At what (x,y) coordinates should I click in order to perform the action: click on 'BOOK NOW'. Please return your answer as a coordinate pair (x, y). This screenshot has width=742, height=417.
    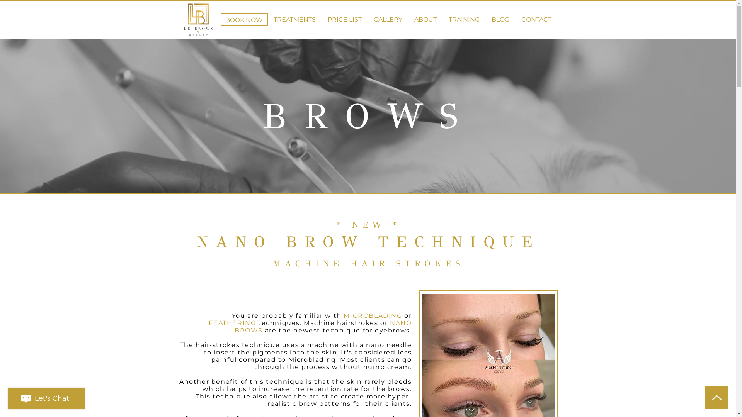
    Looking at the image, I should click on (220, 19).